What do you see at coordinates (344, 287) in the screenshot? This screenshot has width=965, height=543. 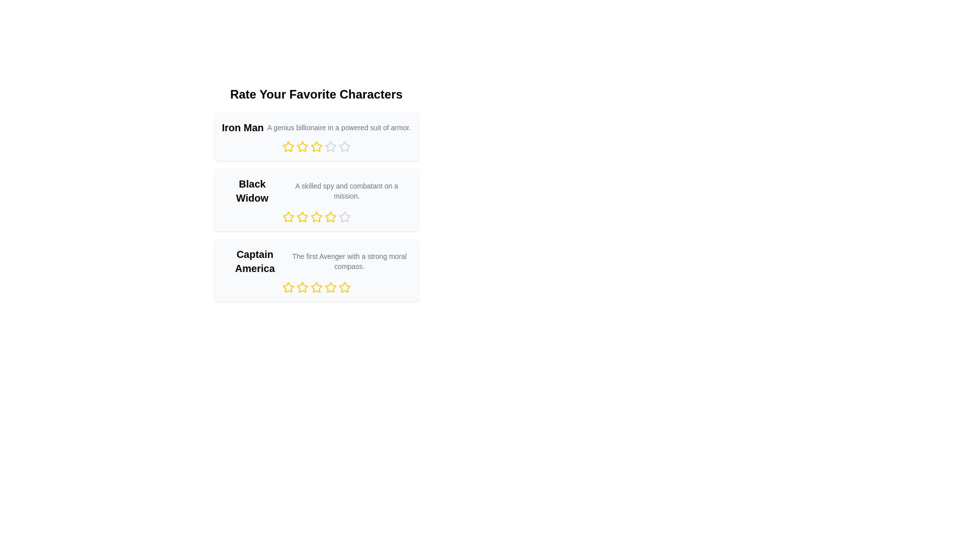 I see `the fourth rating star icon for 'Captain America' to trigger the tooltip or visual effect` at bounding box center [344, 287].